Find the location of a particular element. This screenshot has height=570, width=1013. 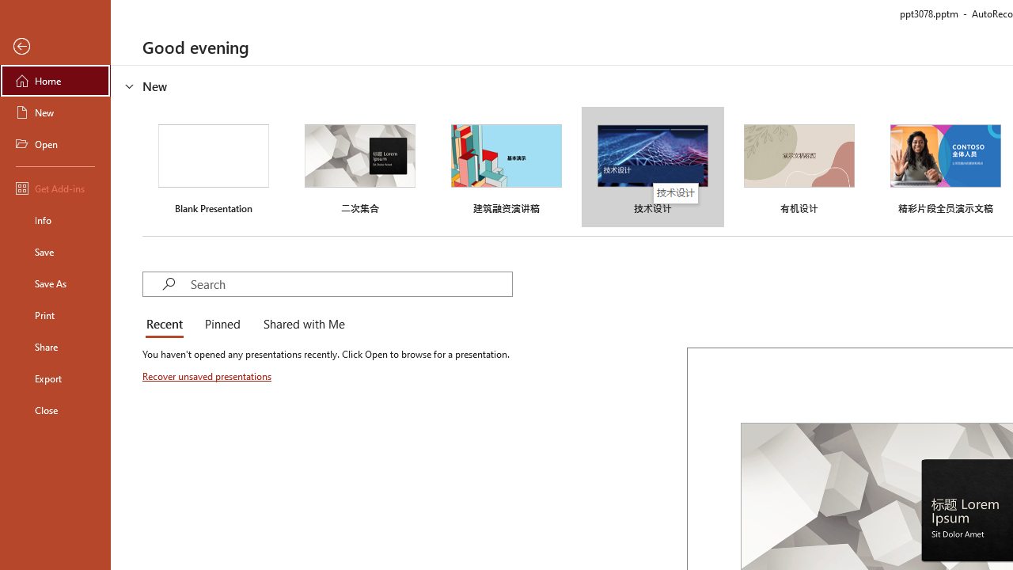

'Blank Presentation' is located at coordinates (213, 167).